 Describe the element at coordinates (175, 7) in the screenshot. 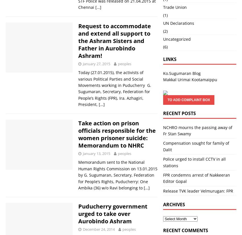

I see `'Trade Union'` at that location.